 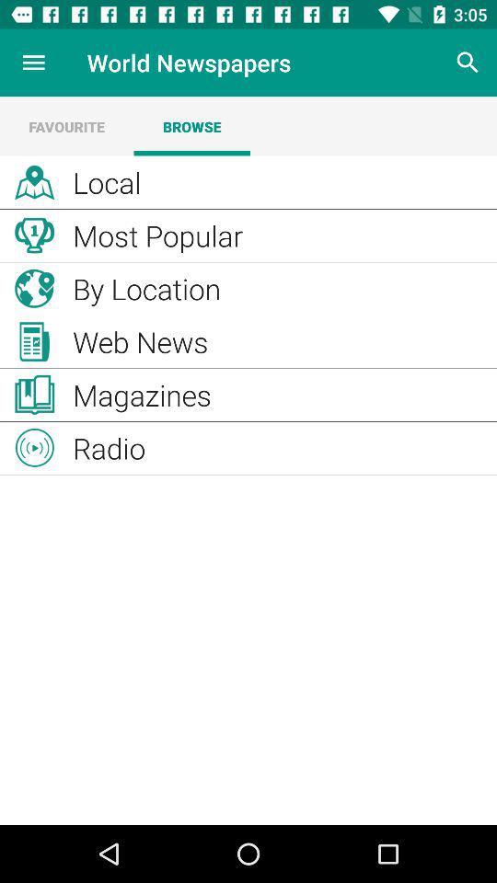 What do you see at coordinates (33, 63) in the screenshot?
I see `the item to the left of the world newspapers item` at bounding box center [33, 63].